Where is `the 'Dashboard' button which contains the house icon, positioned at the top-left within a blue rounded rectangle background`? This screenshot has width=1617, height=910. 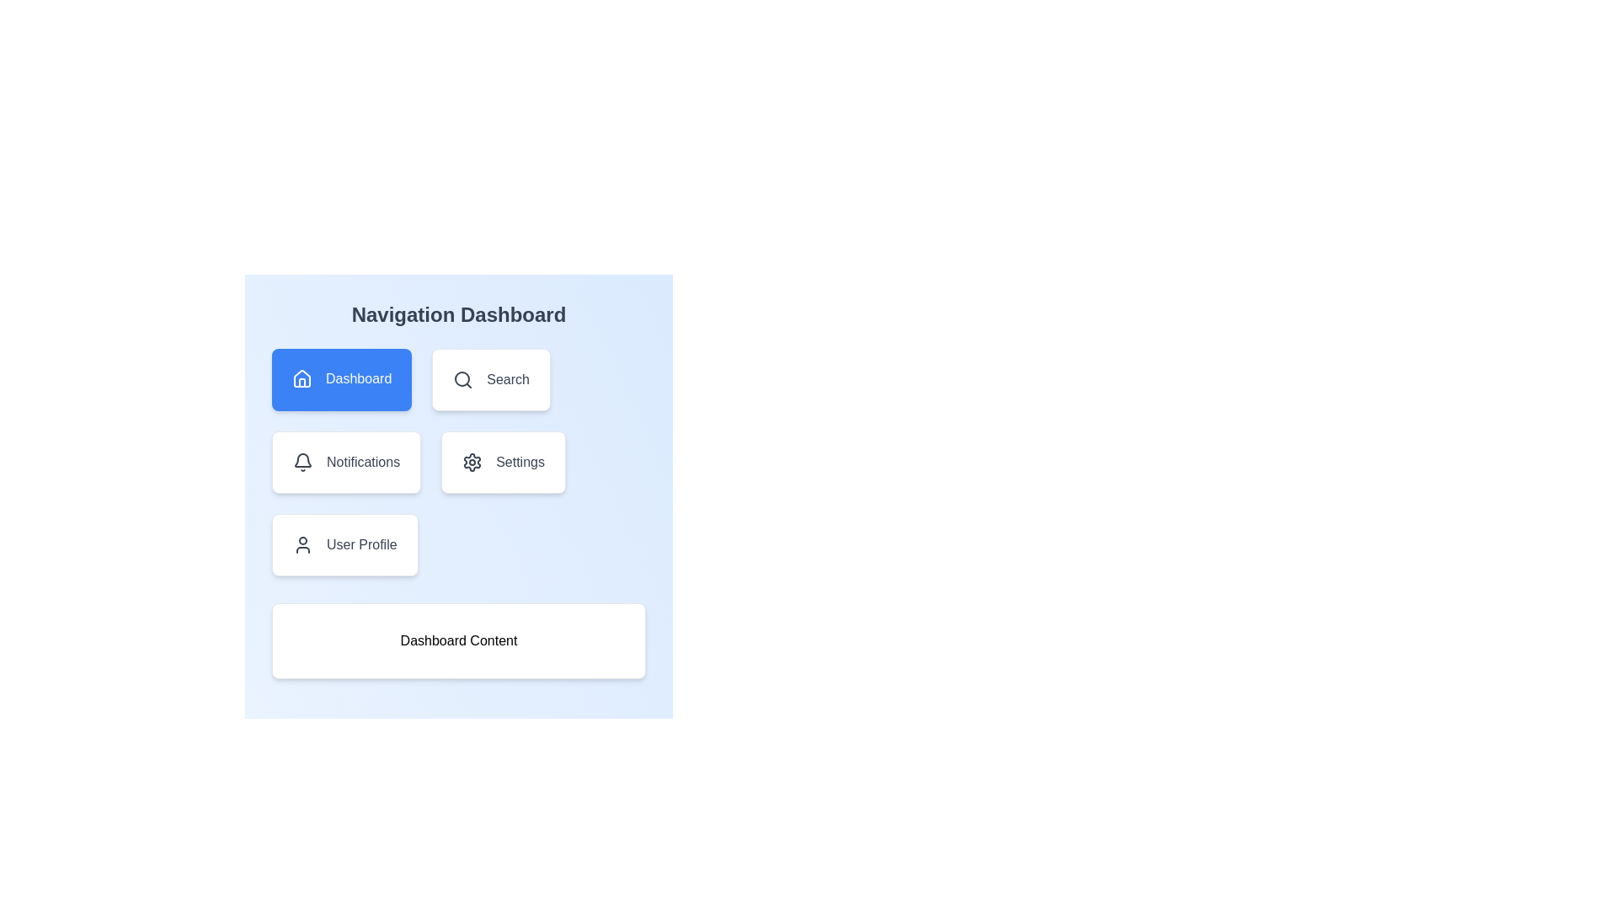
the 'Dashboard' button which contains the house icon, positioned at the top-left within a blue rounded rectangle background is located at coordinates (302, 377).